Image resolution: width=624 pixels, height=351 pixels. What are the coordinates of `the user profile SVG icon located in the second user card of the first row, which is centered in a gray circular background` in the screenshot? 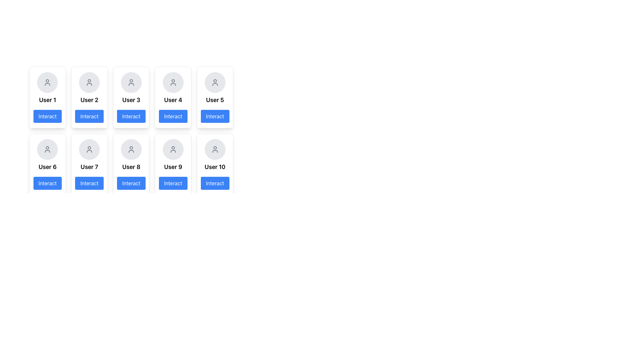 It's located at (89, 82).